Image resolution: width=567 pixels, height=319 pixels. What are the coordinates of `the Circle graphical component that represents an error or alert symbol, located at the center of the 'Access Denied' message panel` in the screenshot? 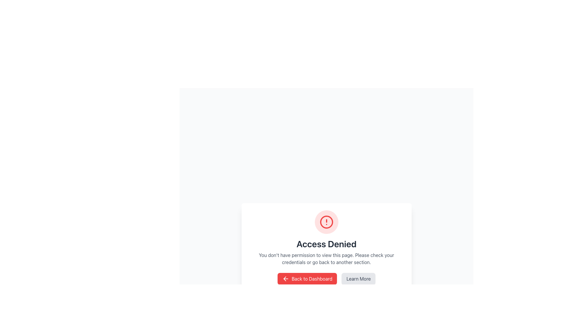 It's located at (326, 222).